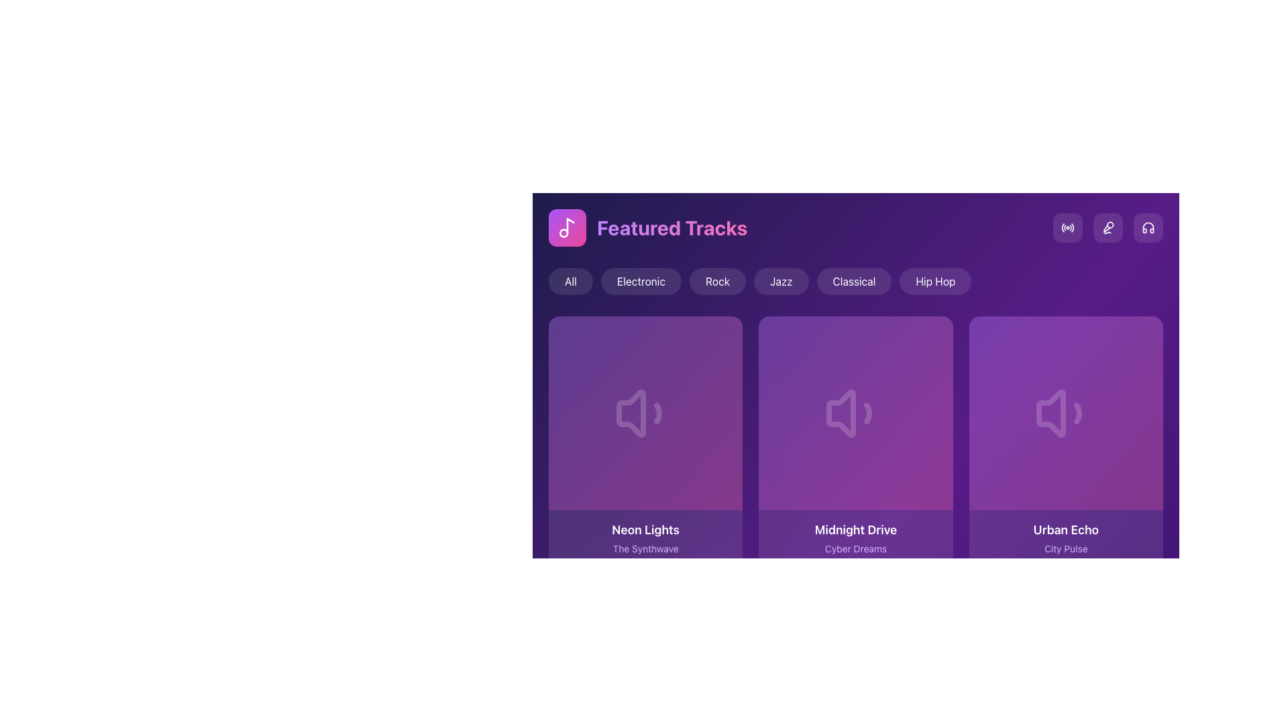 The height and width of the screenshot is (724, 1288). I want to click on the musical note icon in the upper-left corner of the application interface, so click(567, 227).